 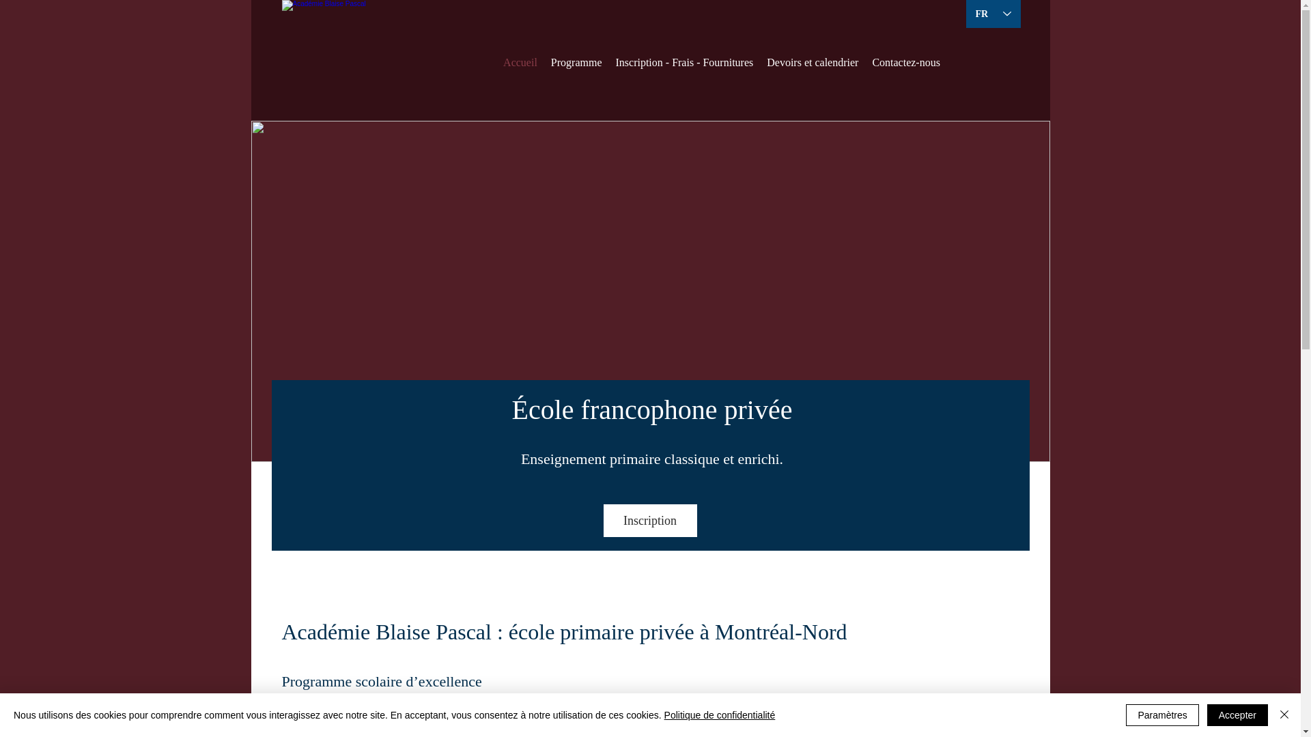 I want to click on 'Devoirs et calendrier', so click(x=813, y=62).